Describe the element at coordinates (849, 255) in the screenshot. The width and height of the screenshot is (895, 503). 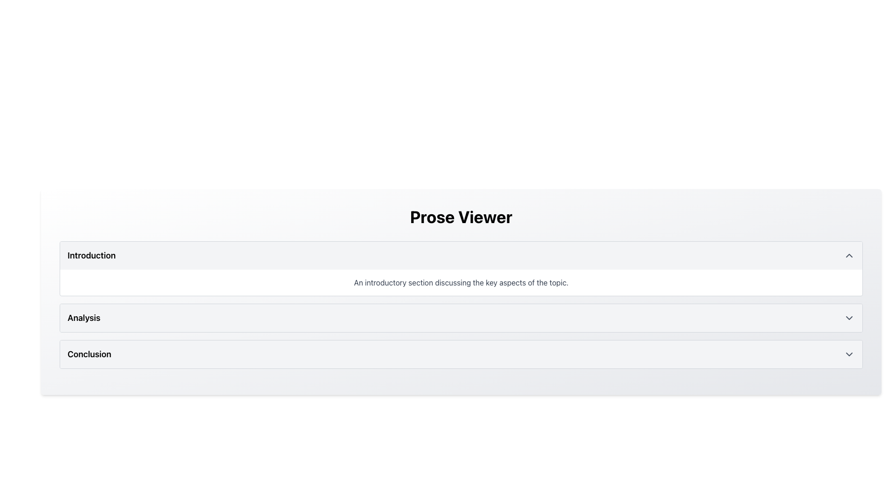
I see `the upward-facing gray chevron icon located at the far right of the row labeled 'Introduction'` at that location.